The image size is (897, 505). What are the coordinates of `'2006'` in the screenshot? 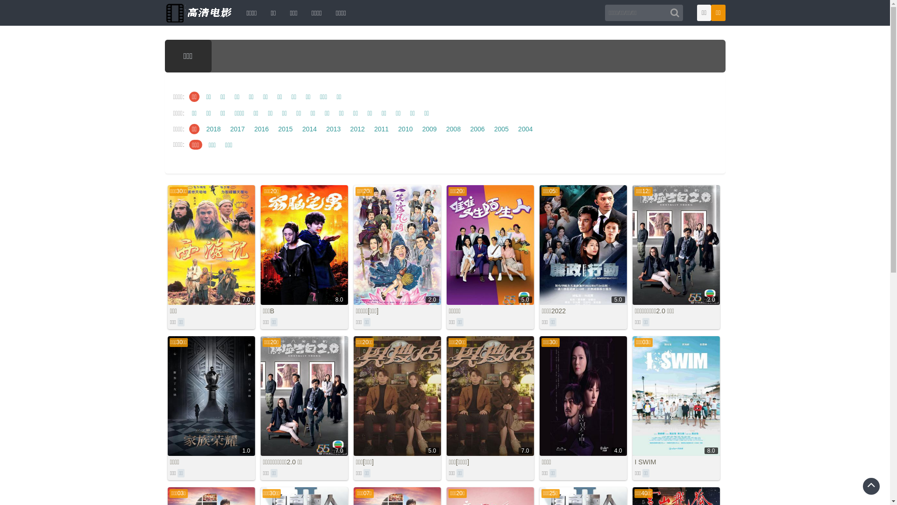 It's located at (477, 129).